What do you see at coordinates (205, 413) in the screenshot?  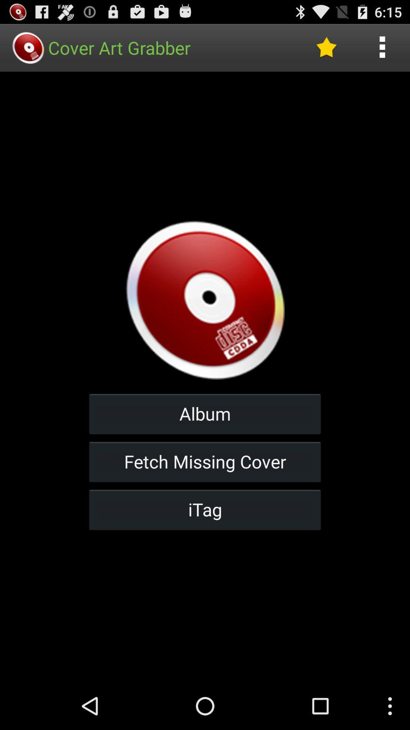 I see `album button` at bounding box center [205, 413].